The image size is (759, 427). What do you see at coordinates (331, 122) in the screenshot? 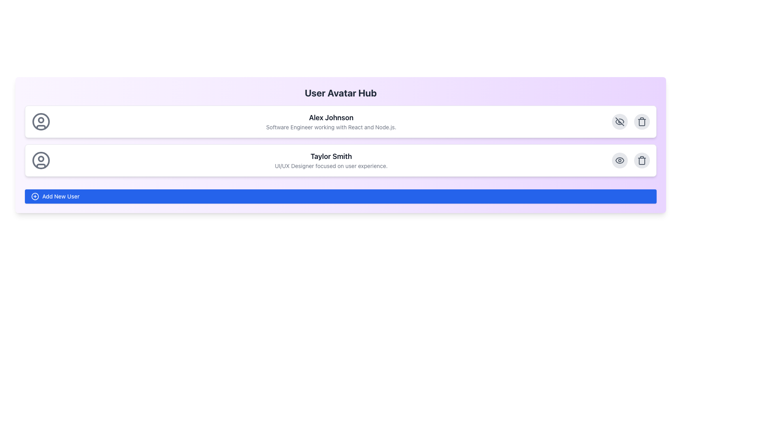
I see `the informational header text block displaying user identity and role details in the profile card, located to the right of the user icon and below 'User Avatar Hub.'` at bounding box center [331, 122].